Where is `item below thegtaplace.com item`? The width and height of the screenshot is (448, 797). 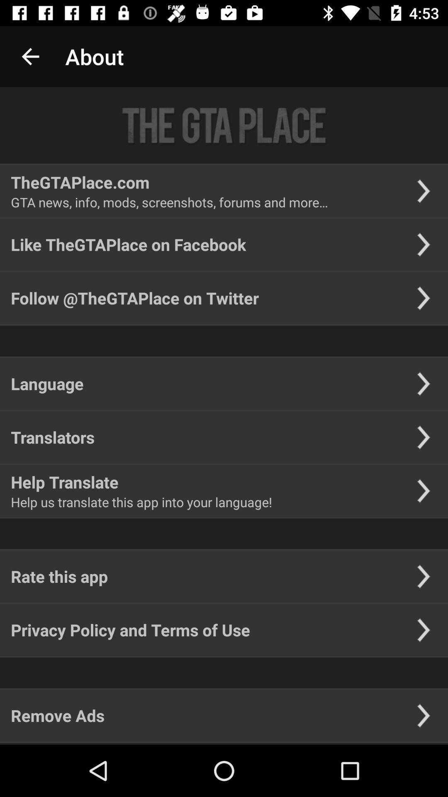 item below thegtaplace.com item is located at coordinates (169, 202).